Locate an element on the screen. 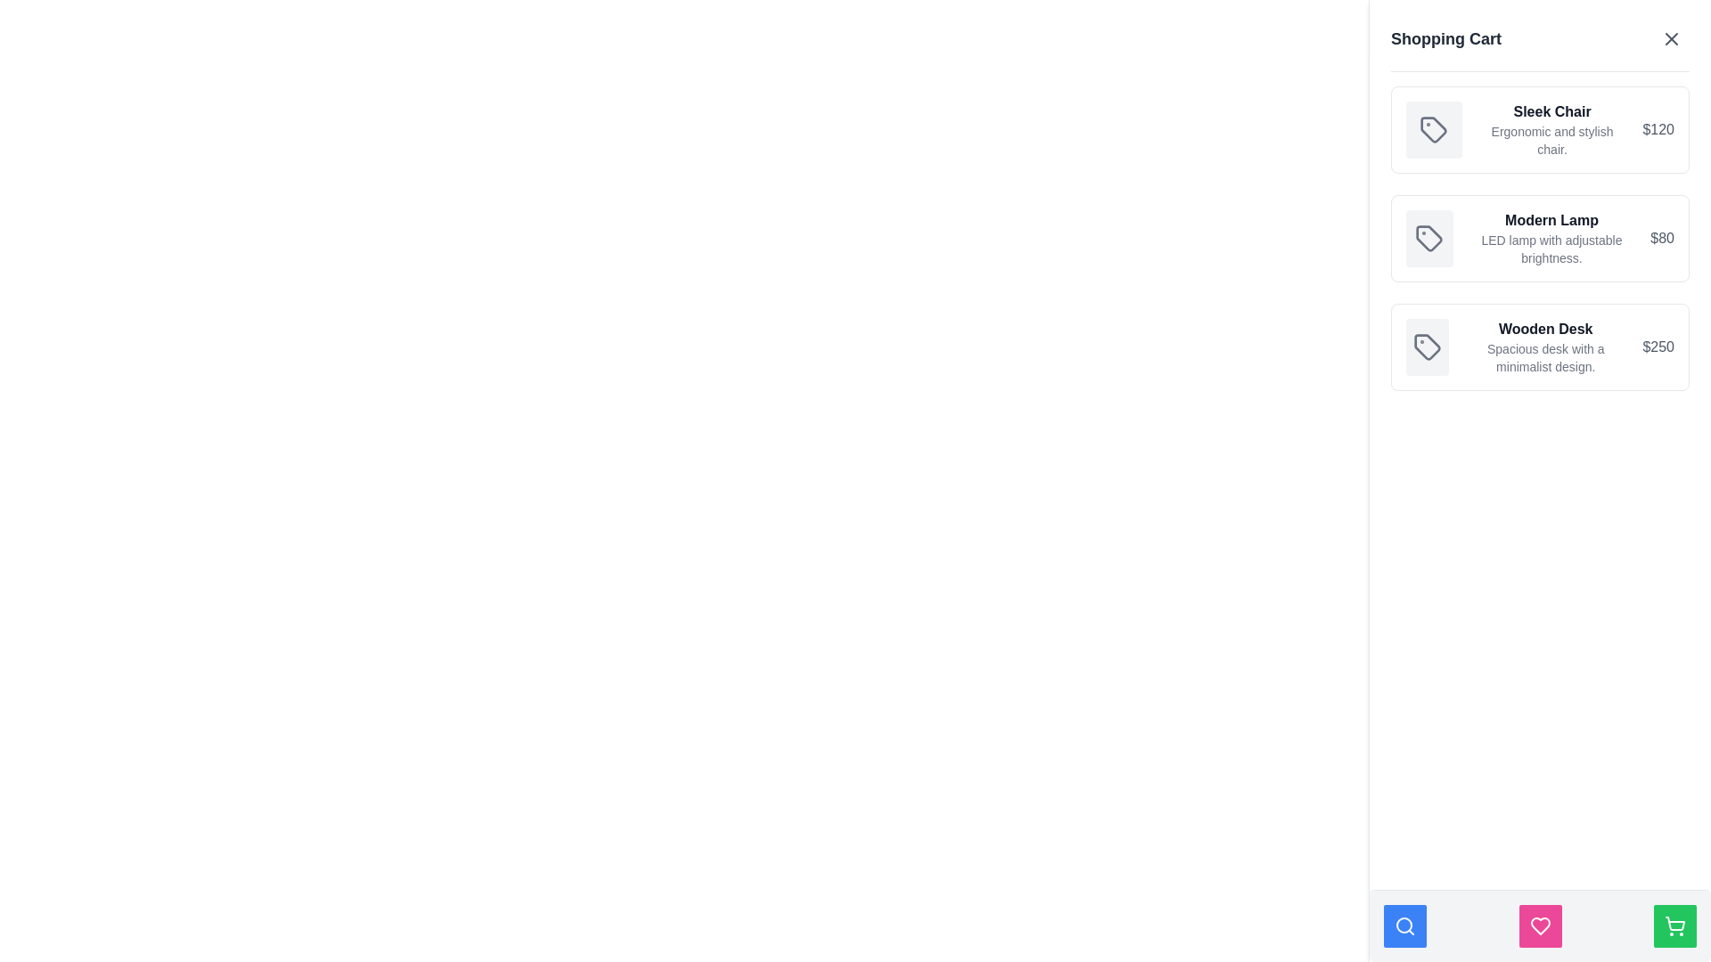 The image size is (1711, 962). the product card displaying 'Wooden Desk', which includes details such as a title, description, and price, located in the shopping cart section is located at coordinates (1539, 346).